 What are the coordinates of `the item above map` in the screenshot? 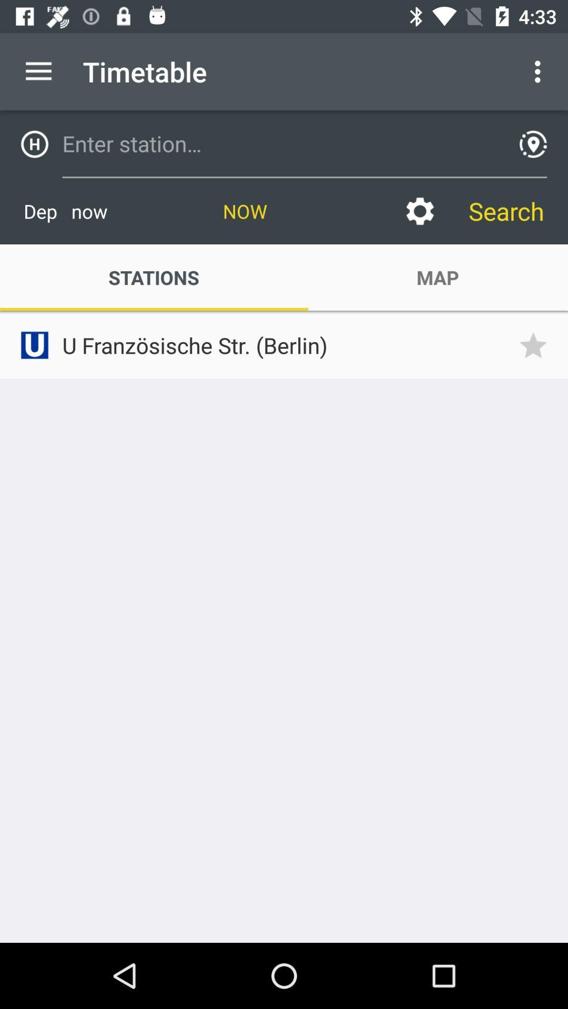 It's located at (419, 211).